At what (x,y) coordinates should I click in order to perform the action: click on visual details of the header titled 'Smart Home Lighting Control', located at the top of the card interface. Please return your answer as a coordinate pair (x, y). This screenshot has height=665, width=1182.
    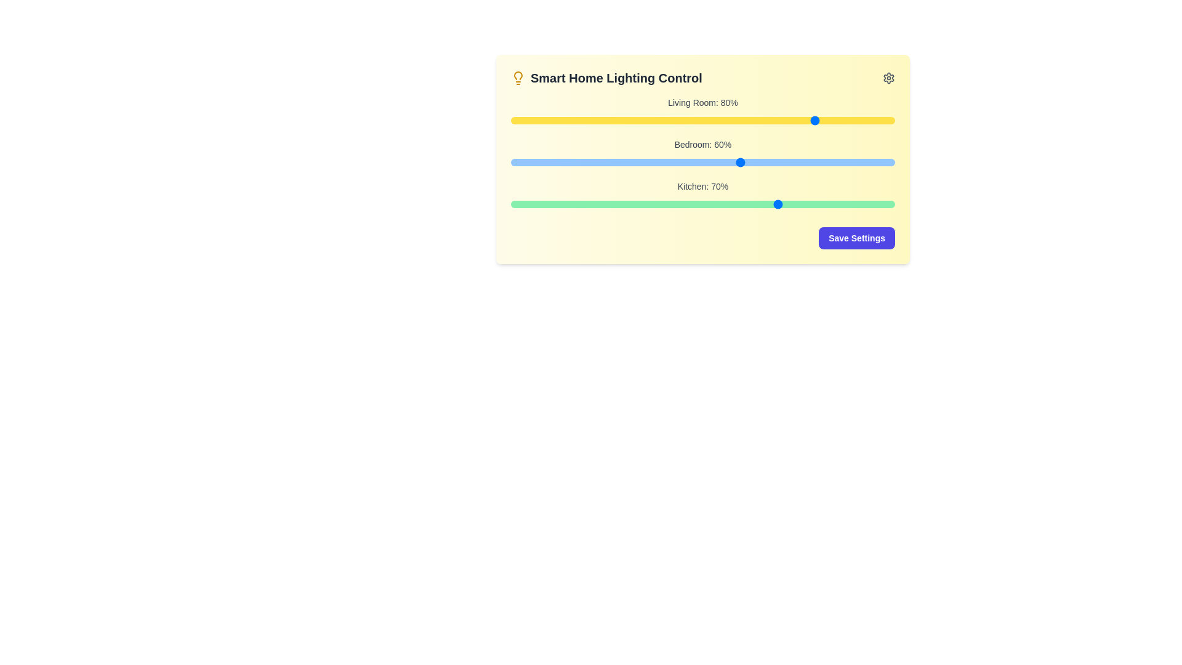
    Looking at the image, I should click on (703, 78).